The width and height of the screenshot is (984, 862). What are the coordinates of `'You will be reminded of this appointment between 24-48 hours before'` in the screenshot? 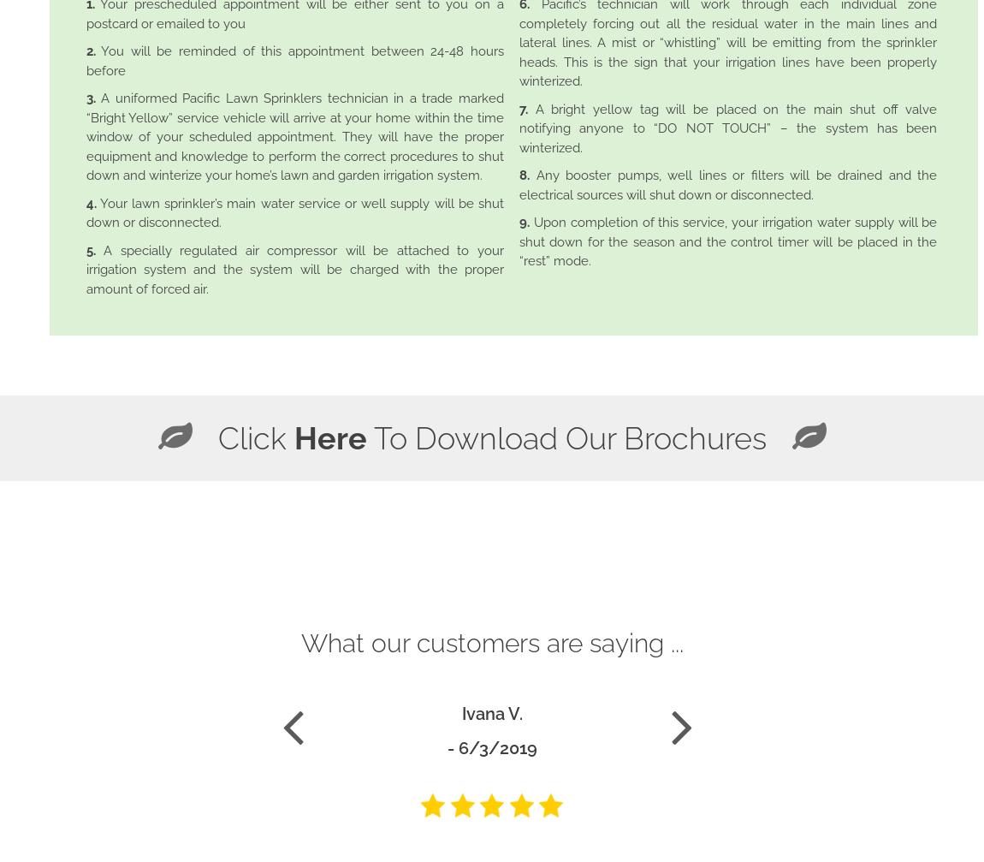 It's located at (293, 60).